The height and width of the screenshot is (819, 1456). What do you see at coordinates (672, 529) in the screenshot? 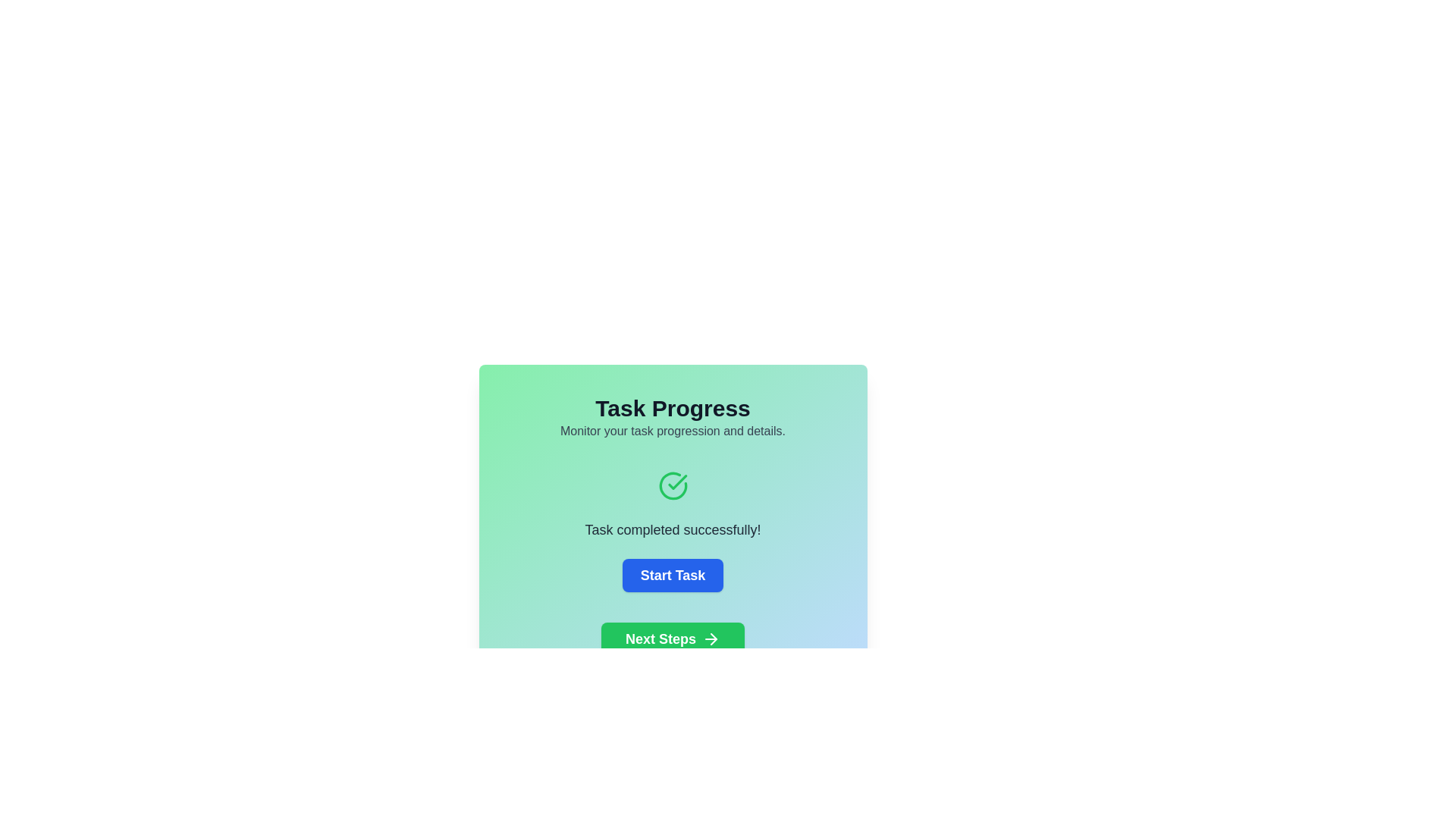
I see `the status message text label indicating task completion, located below the checkmark icon and above the 'Start Task' button` at bounding box center [672, 529].